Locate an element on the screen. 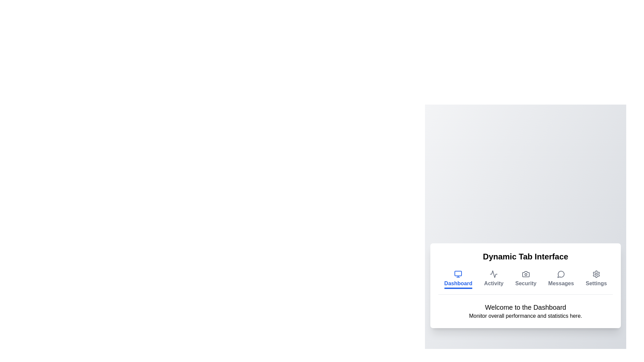 The image size is (644, 362). the gear-shaped icon button located under the 'Settings' label in the row of icons below the 'Dynamic Tab Interface' header is located at coordinates (596, 274).